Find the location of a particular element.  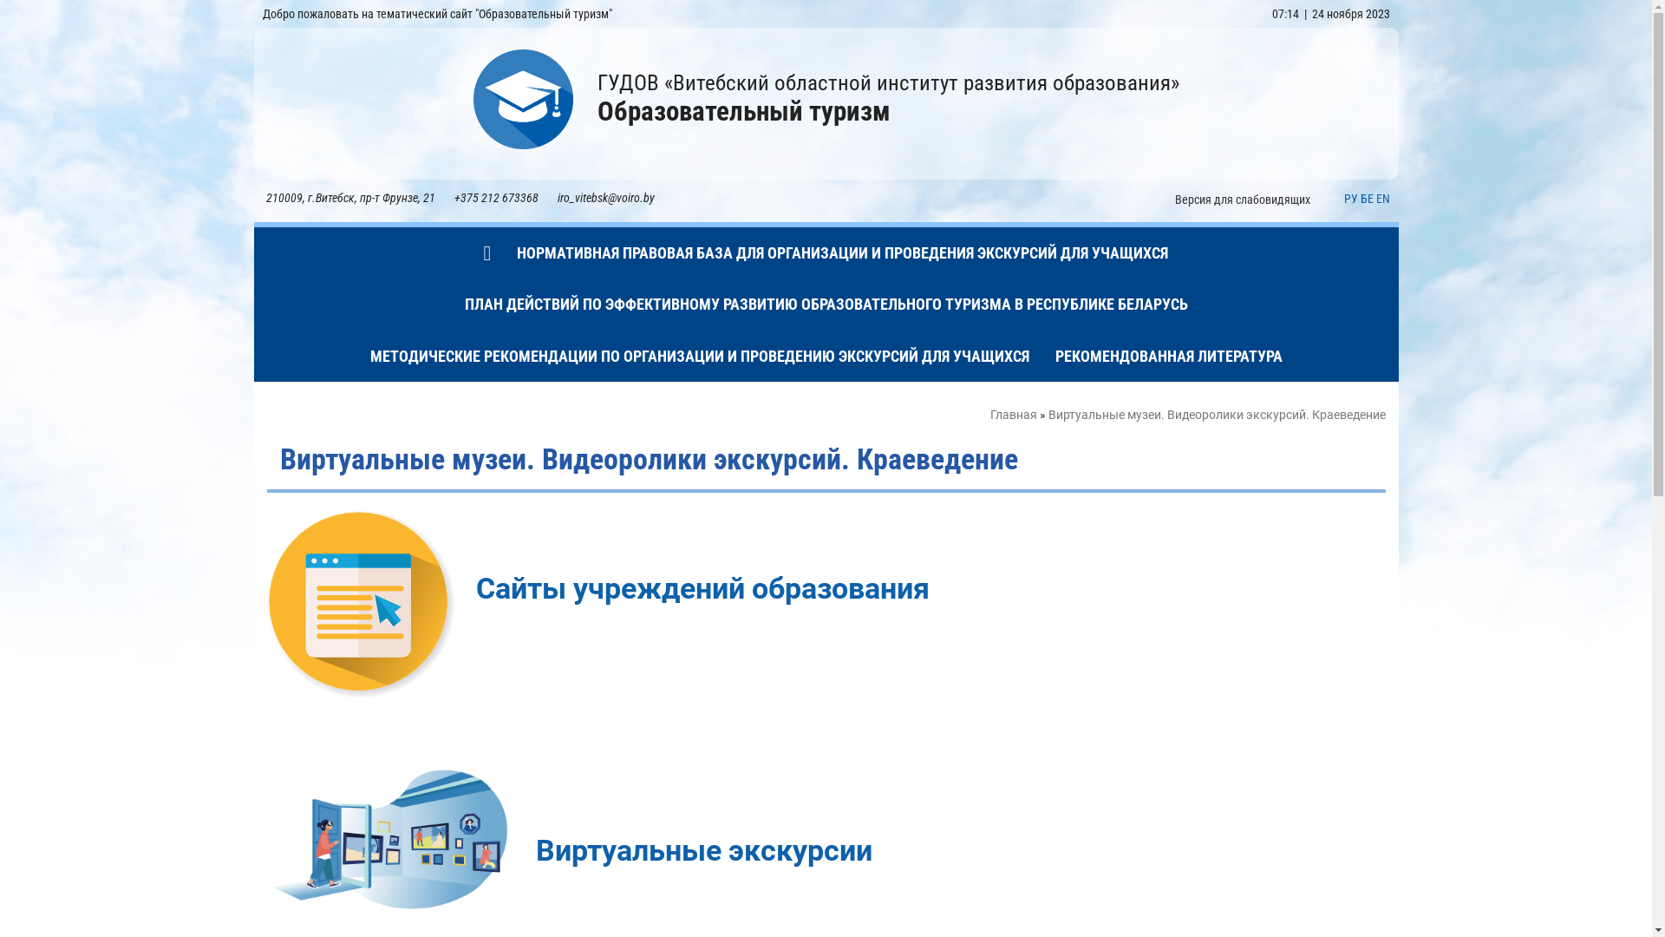

'EN' is located at coordinates (1374, 197).